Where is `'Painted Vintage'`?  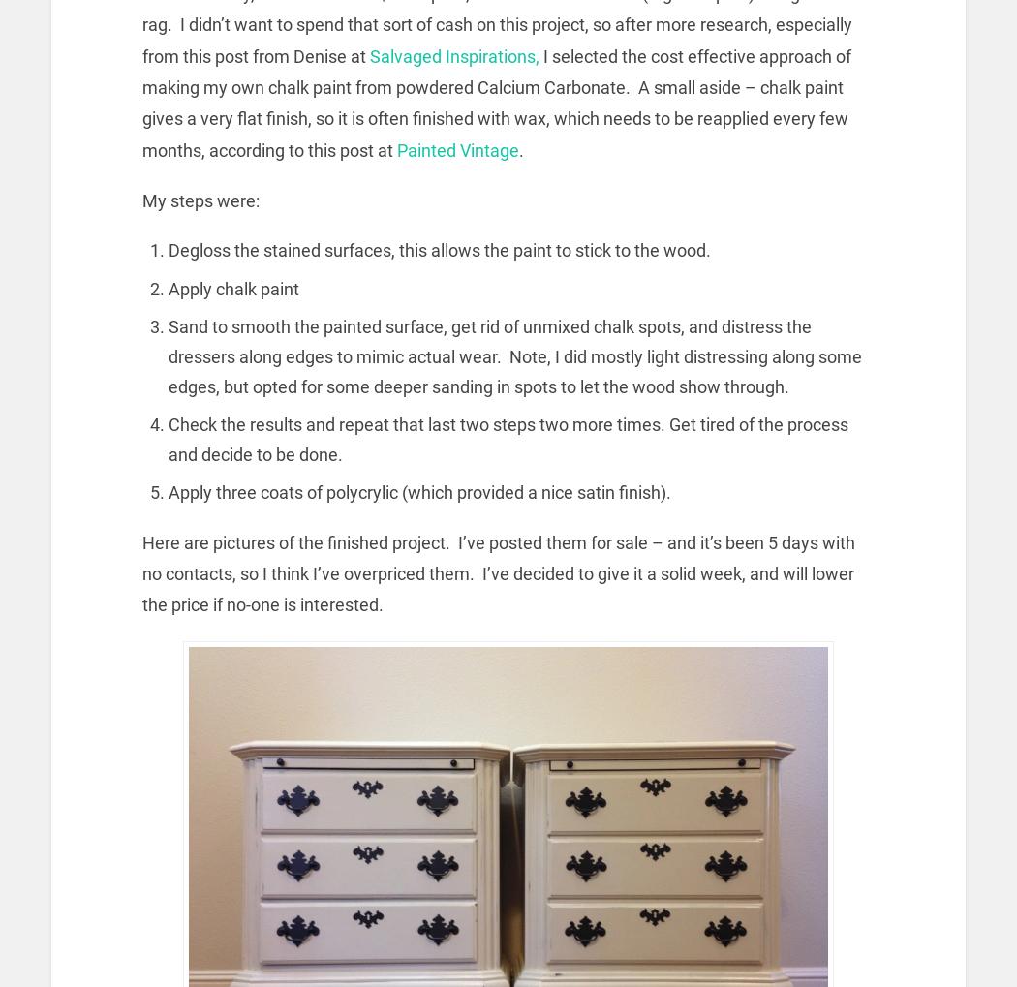
'Painted Vintage' is located at coordinates (458, 149).